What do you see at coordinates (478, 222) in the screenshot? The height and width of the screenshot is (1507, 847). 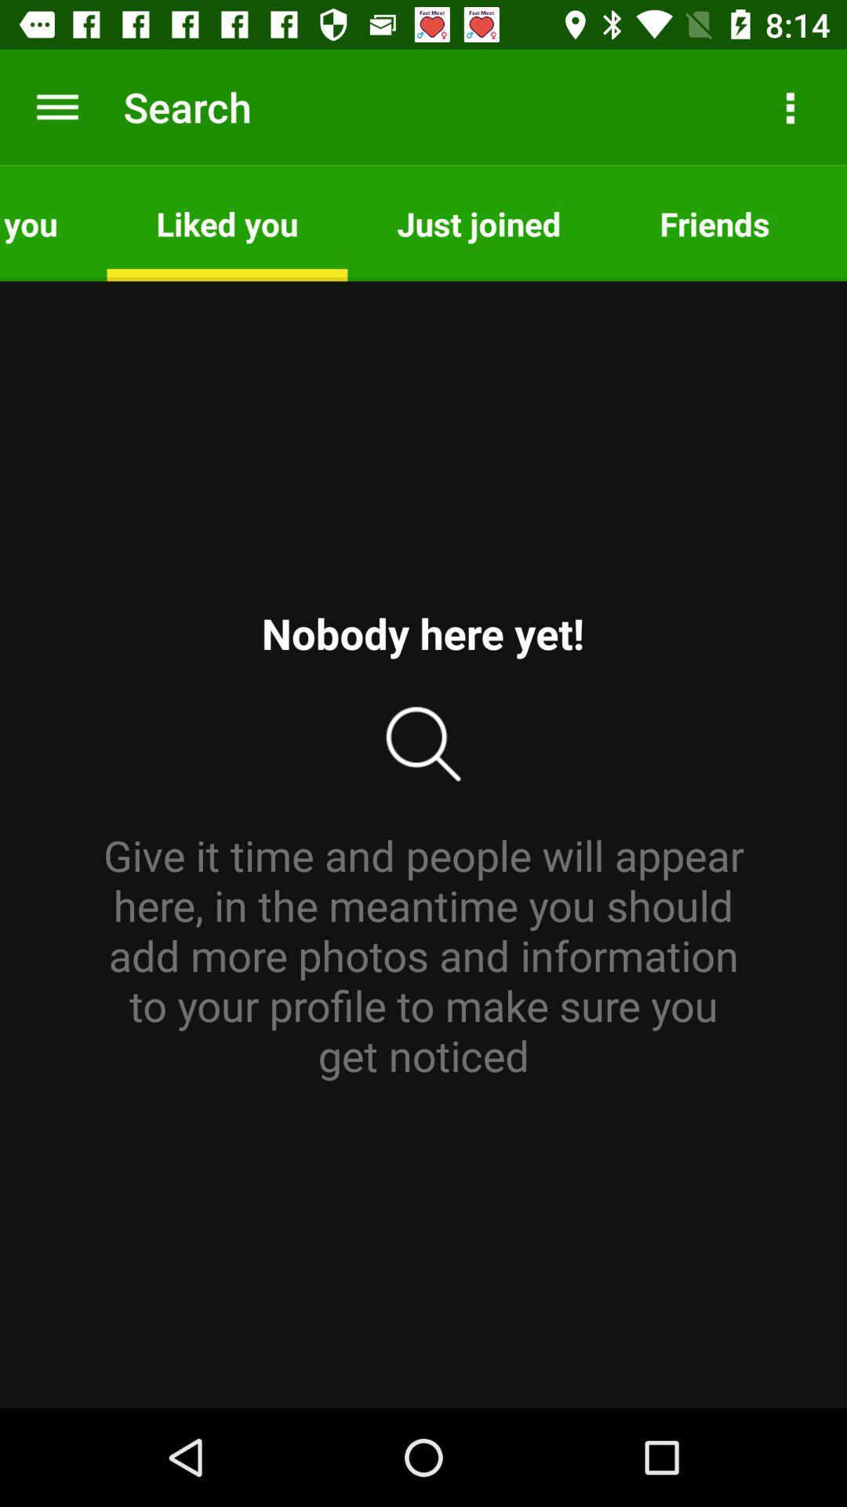 I see `item to the right of liked you item` at bounding box center [478, 222].